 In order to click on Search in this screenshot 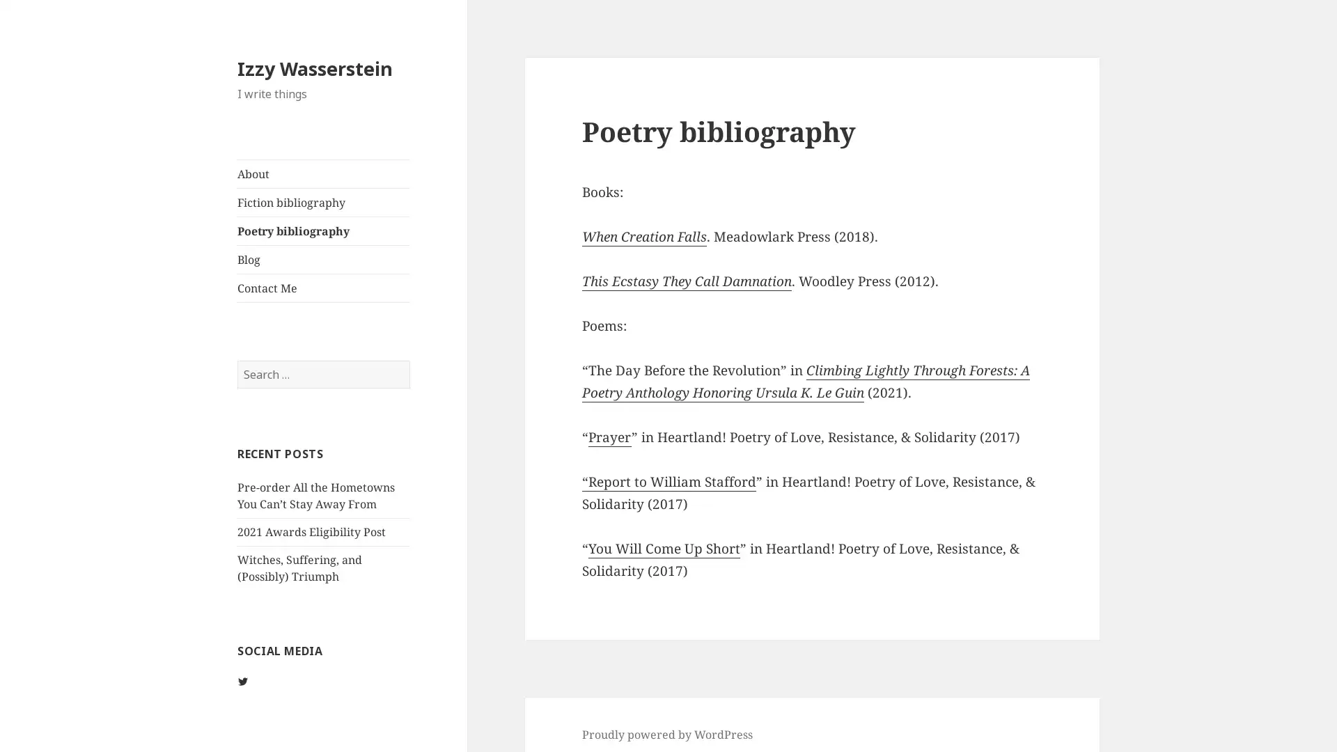, I will do `click(408, 359)`.